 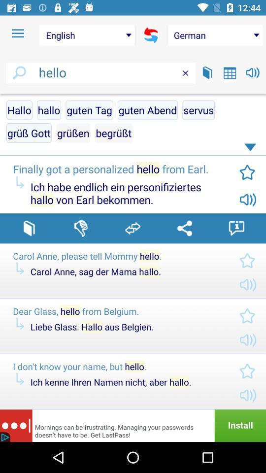 What do you see at coordinates (89, 110) in the screenshot?
I see `icon next to guten abend item` at bounding box center [89, 110].